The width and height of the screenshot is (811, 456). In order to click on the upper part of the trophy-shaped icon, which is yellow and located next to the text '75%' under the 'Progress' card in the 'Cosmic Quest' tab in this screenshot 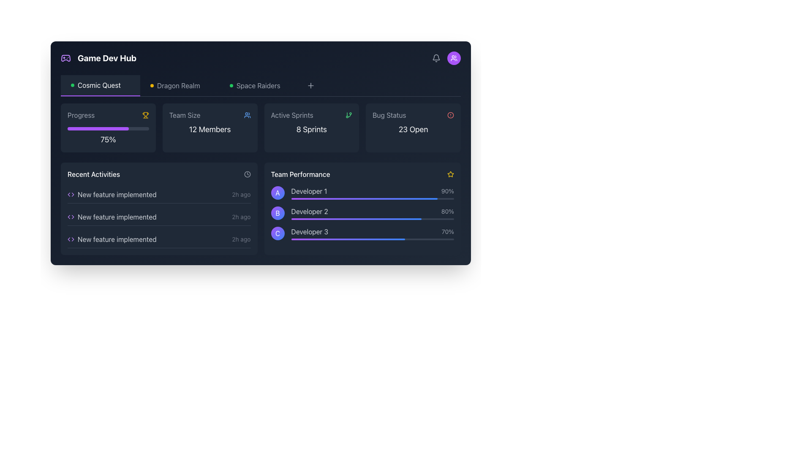, I will do `click(145, 114)`.